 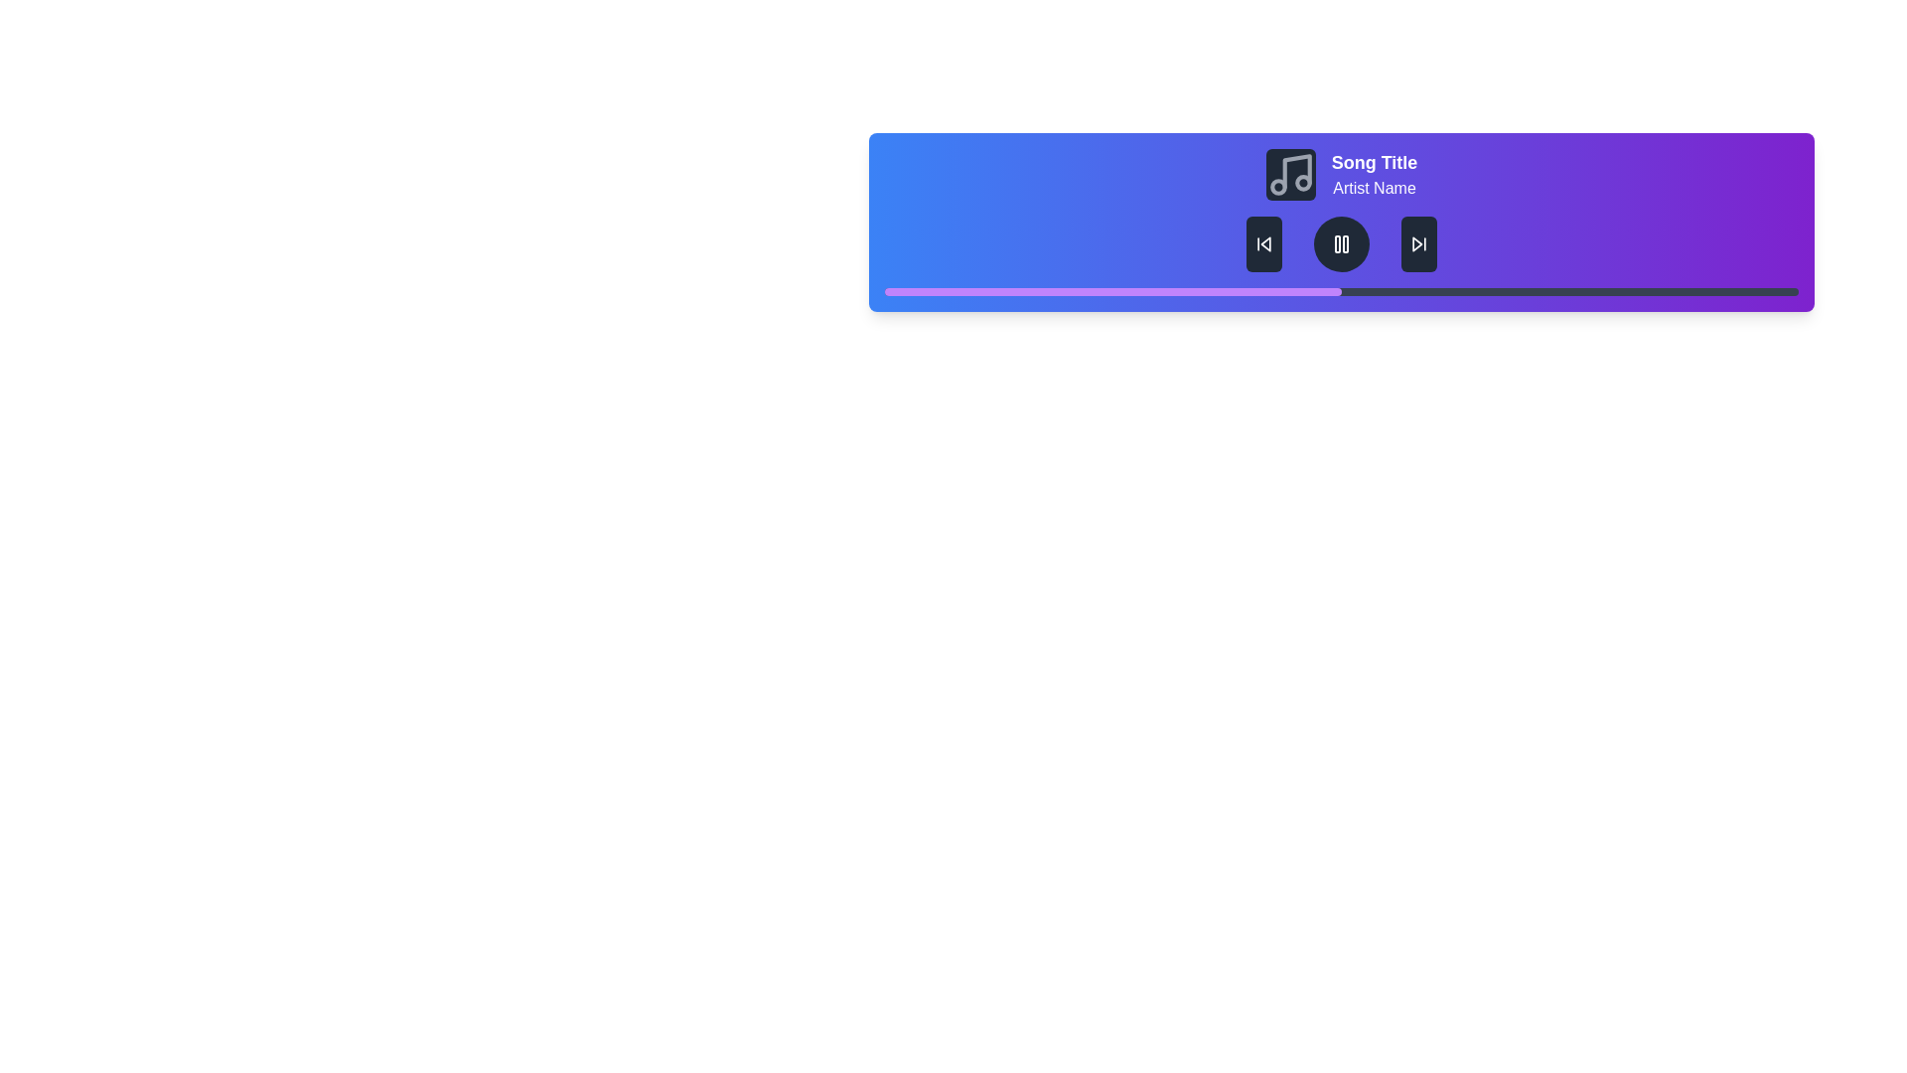 What do you see at coordinates (1643, 291) in the screenshot?
I see `progress` at bounding box center [1643, 291].